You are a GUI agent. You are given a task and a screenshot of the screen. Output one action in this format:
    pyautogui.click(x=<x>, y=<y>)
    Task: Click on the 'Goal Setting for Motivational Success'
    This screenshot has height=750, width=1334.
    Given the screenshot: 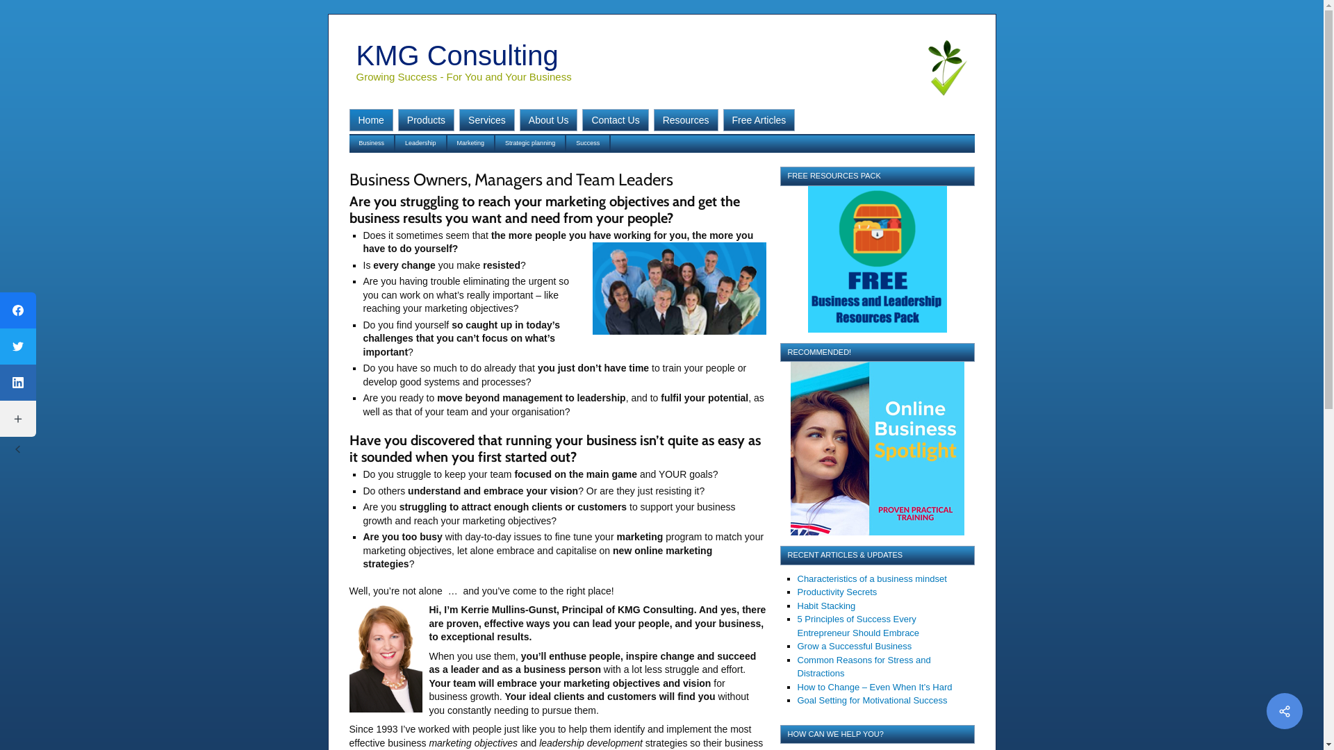 What is the action you would take?
    pyautogui.click(x=872, y=700)
    